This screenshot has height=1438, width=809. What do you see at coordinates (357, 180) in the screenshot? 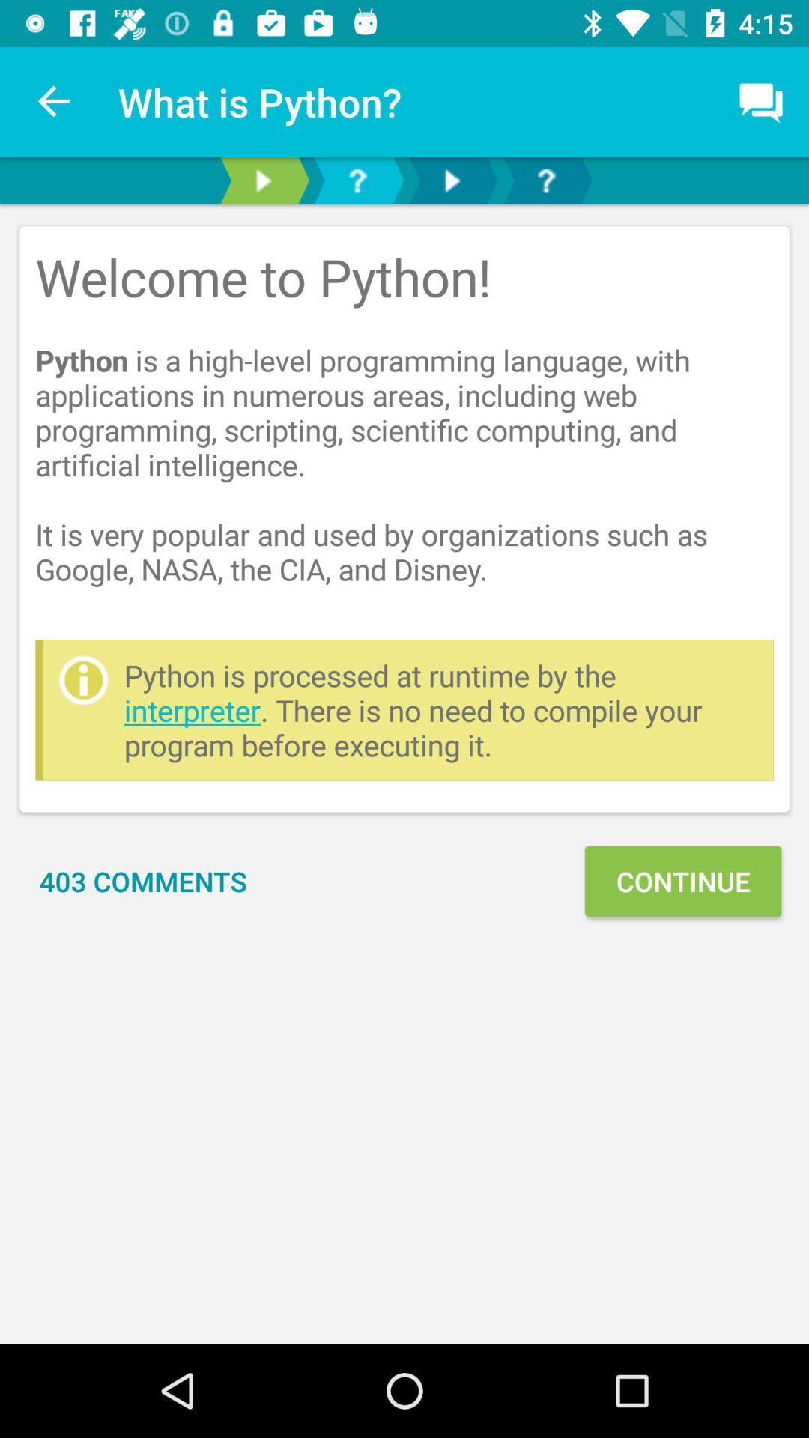
I see `the help icon` at bounding box center [357, 180].